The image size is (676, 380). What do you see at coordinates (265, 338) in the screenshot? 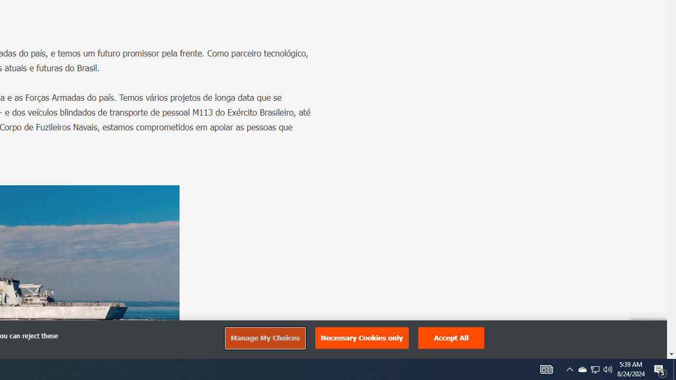
I see `'Manage My Choices'` at bounding box center [265, 338].